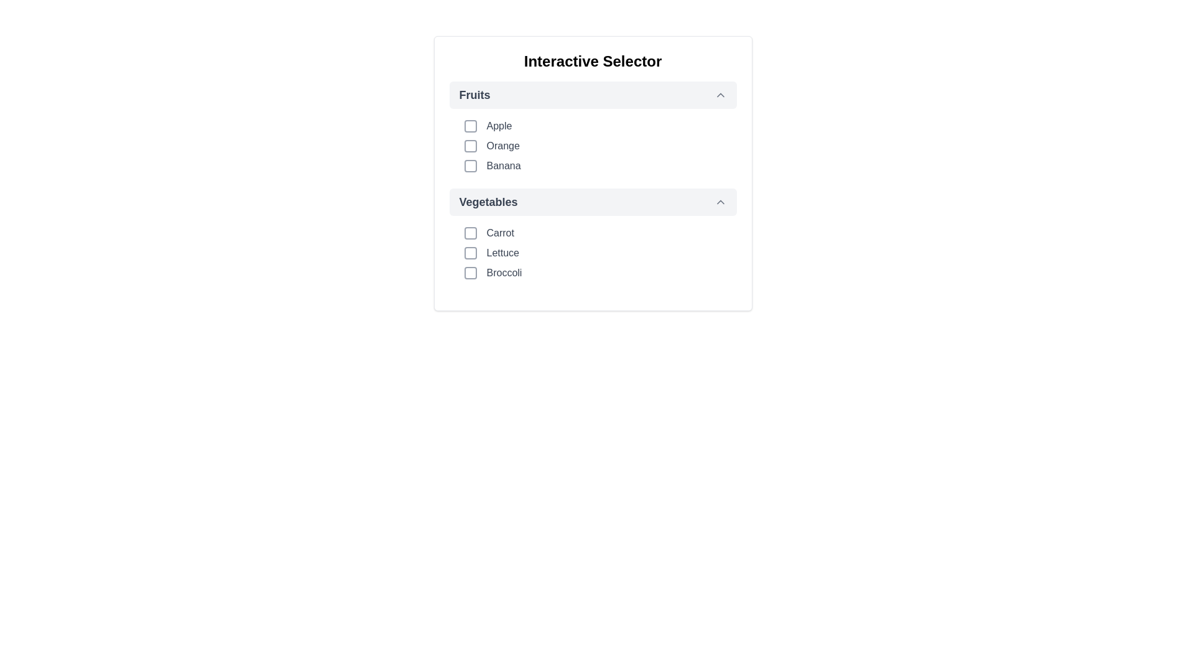  What do you see at coordinates (500, 233) in the screenshot?
I see `the static text label 'Carrot' located adjacent to the checkbox in the 'Vegetables' section` at bounding box center [500, 233].